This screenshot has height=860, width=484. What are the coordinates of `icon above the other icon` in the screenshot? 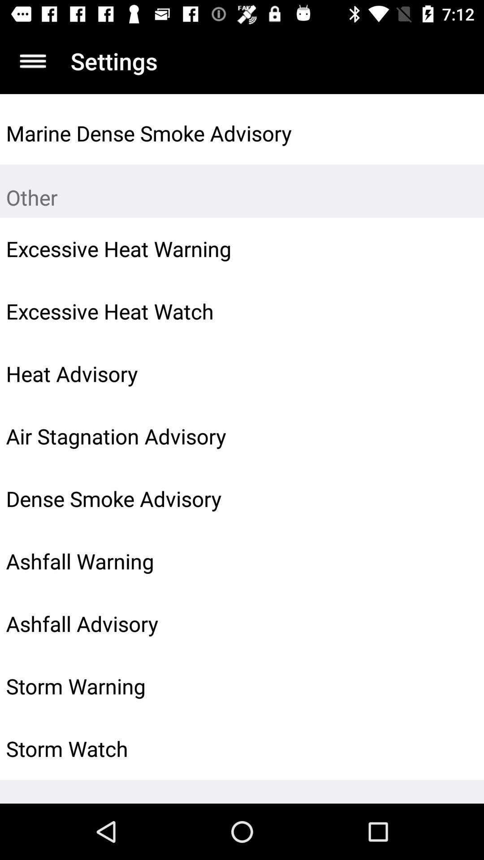 It's located at (456, 133).